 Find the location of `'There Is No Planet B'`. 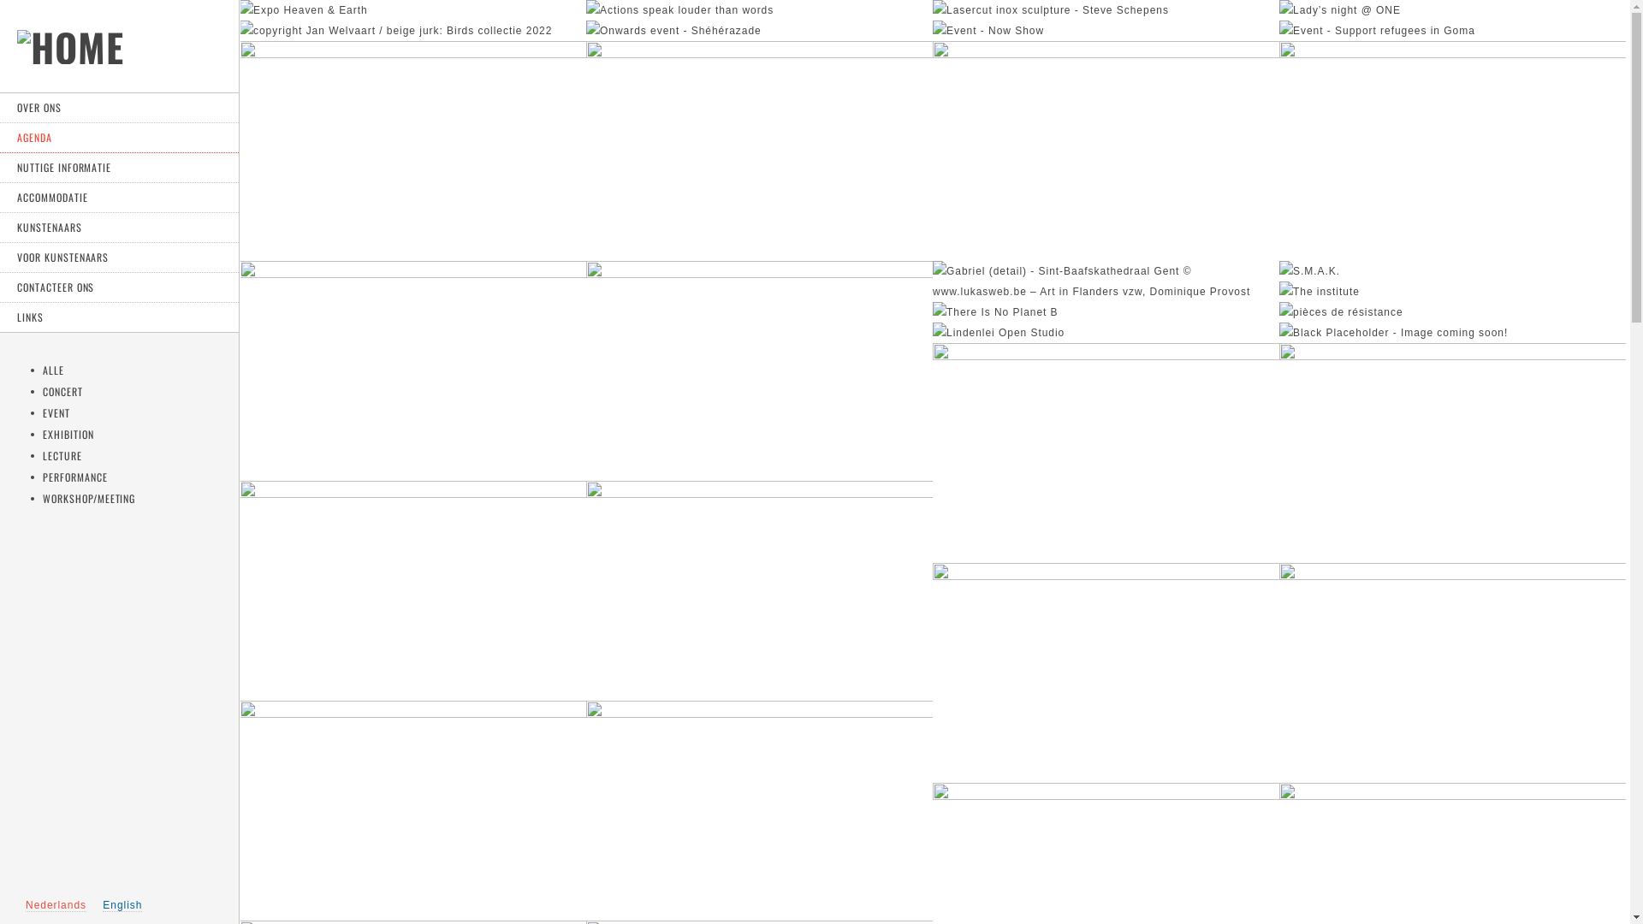

'There Is No Planet B' is located at coordinates (995, 312).